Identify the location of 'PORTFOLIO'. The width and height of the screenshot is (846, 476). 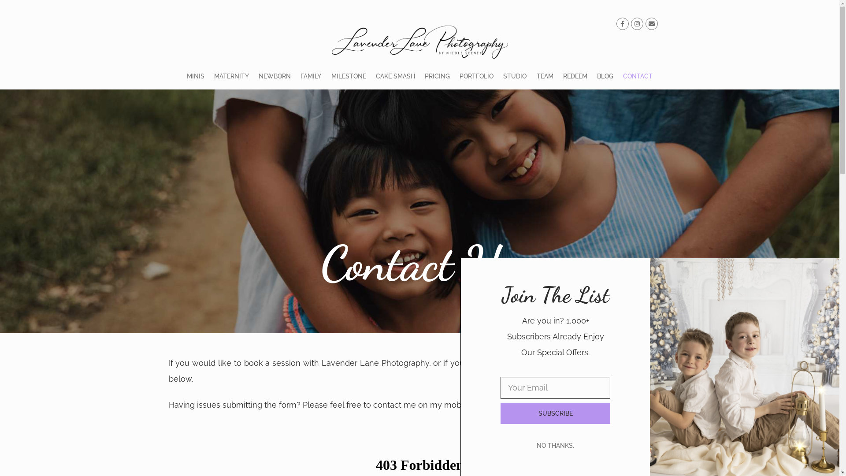
(476, 76).